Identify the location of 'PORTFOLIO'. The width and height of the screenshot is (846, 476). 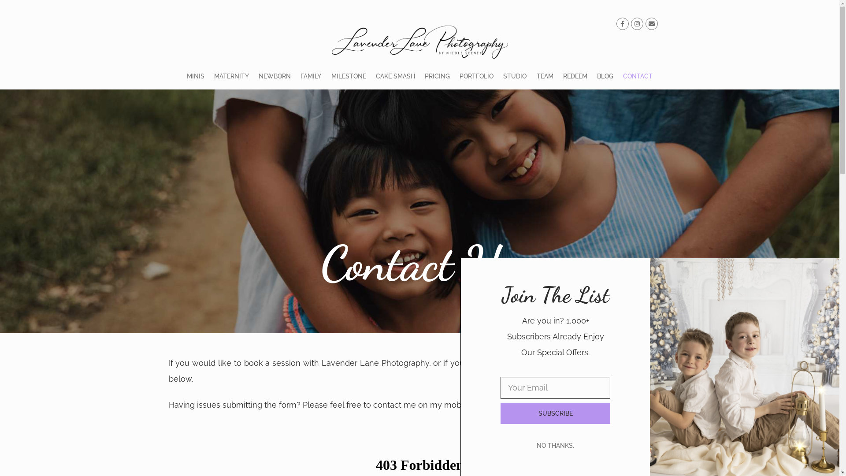
(476, 76).